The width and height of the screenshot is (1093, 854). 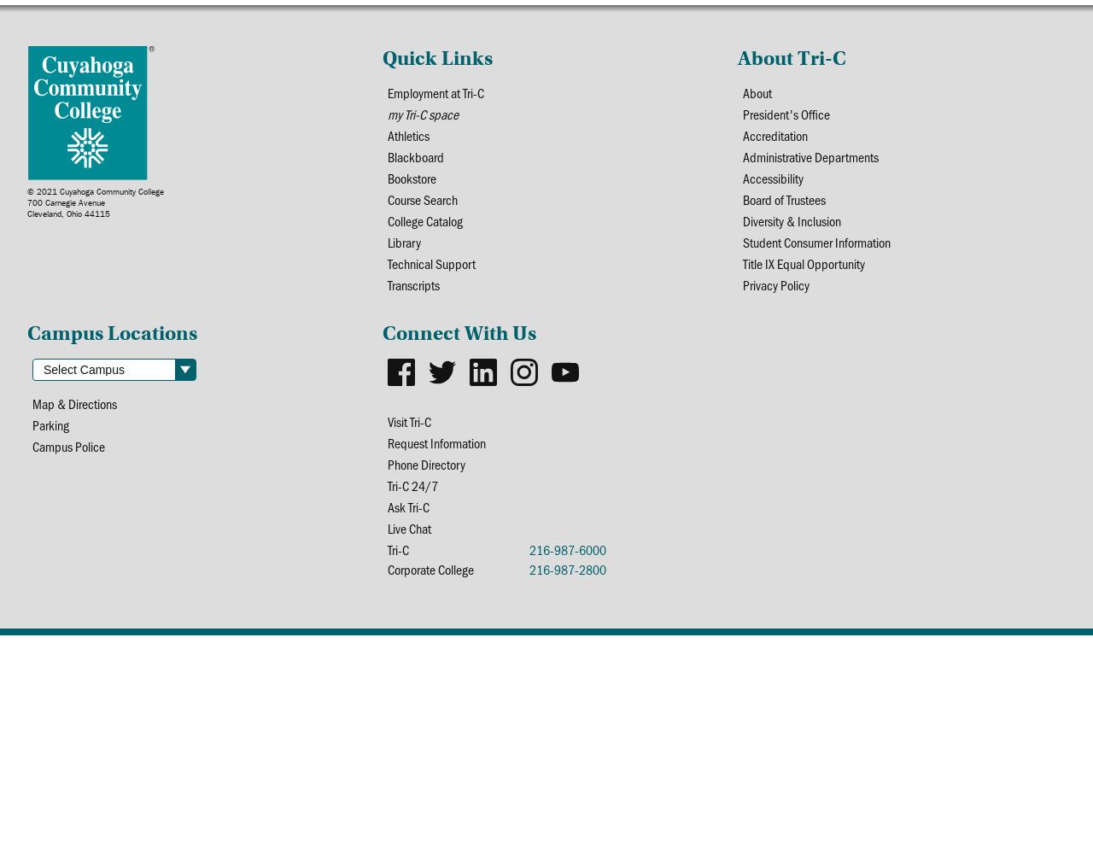 I want to click on 'Request Information', so click(x=385, y=442).